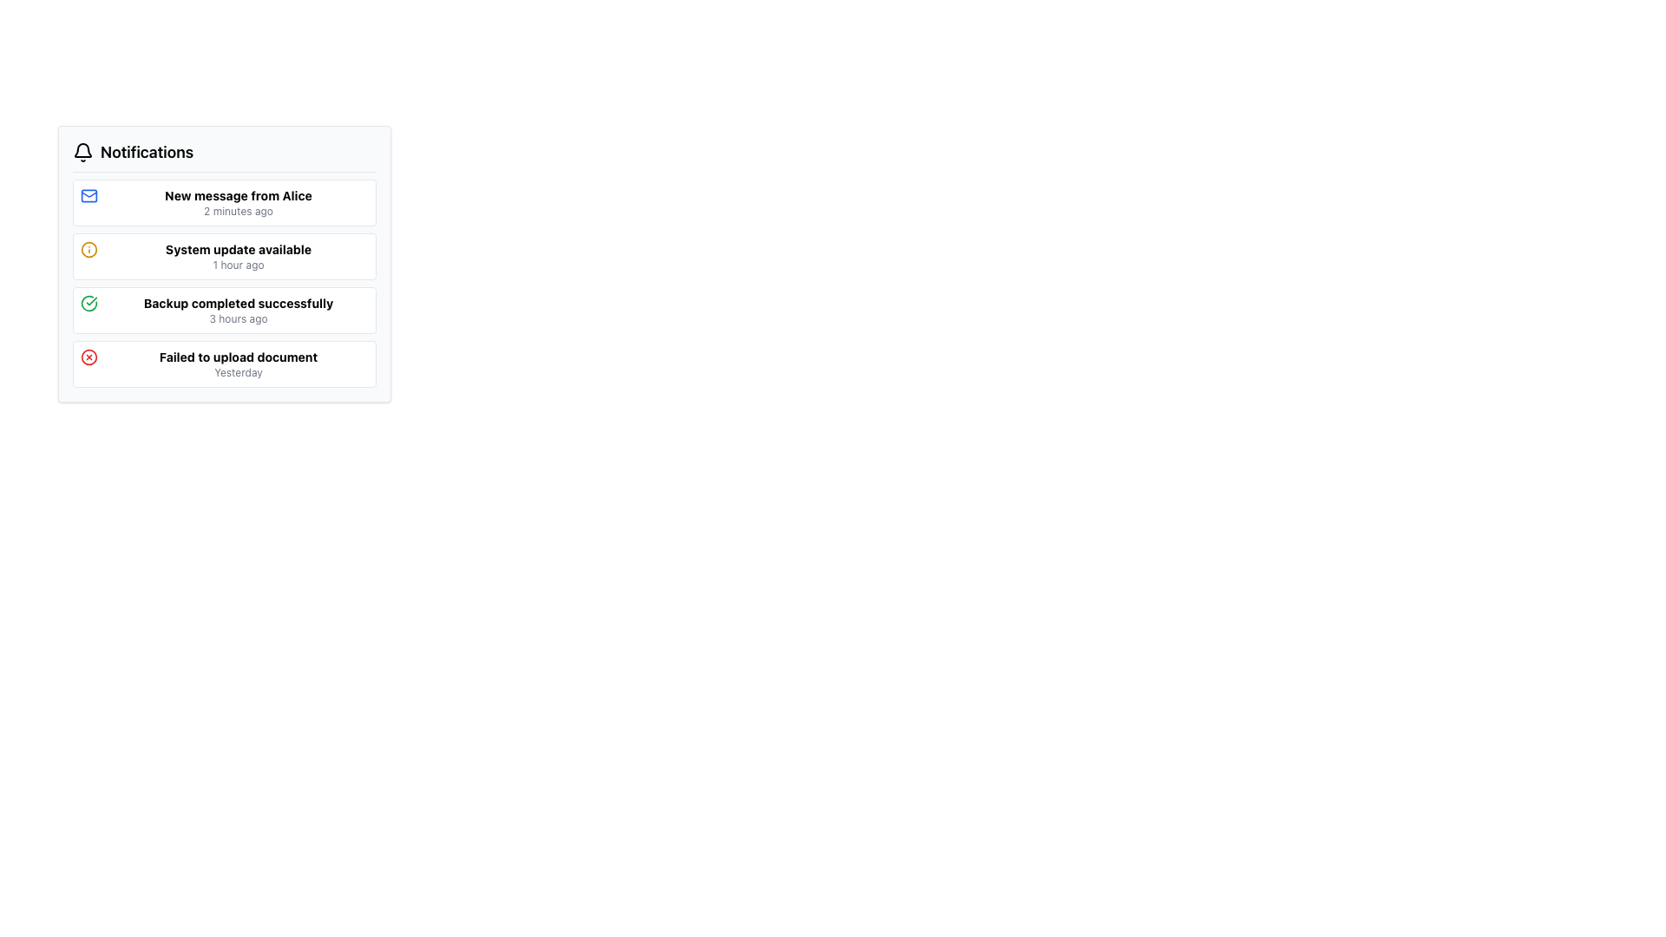  Describe the element at coordinates (82, 152) in the screenshot. I see `the bell icon representing notifications, which is located on the leftmost side of the notifications section` at that location.